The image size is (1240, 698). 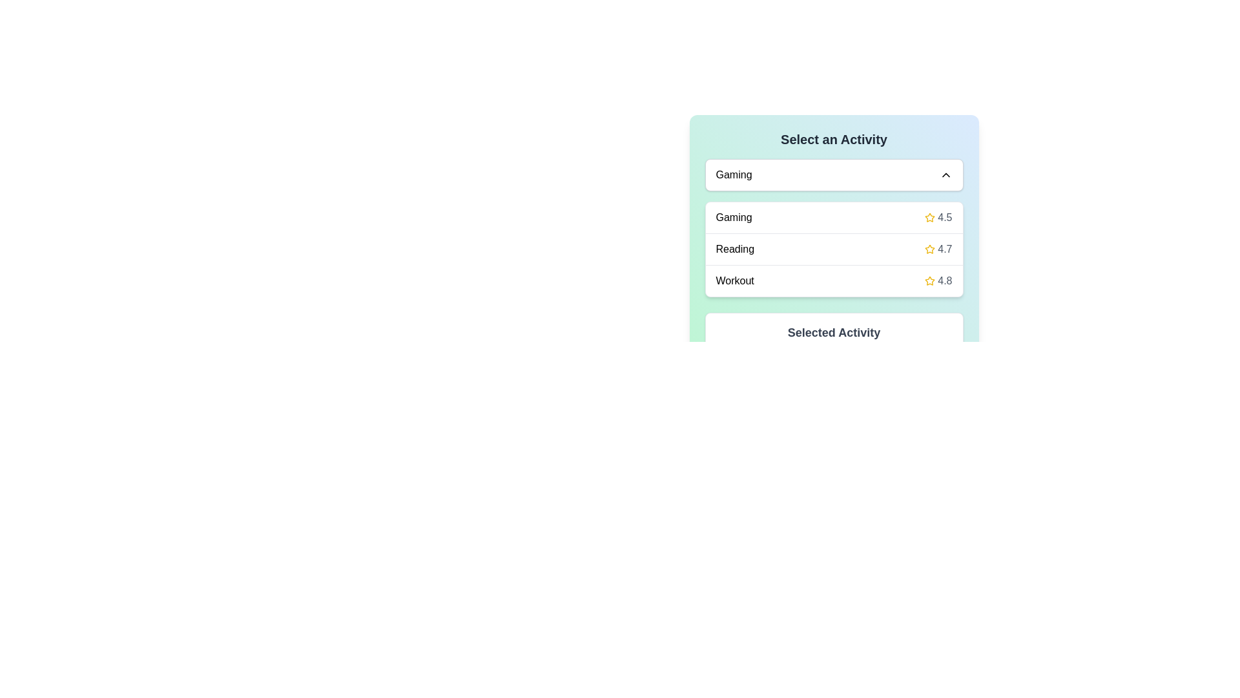 I want to click on the selectable list item labeled 'Workout' with a rating of 4.8 in the 'Select an Activity' dropdown, which is positioned in the third row of the list, so click(x=834, y=280).